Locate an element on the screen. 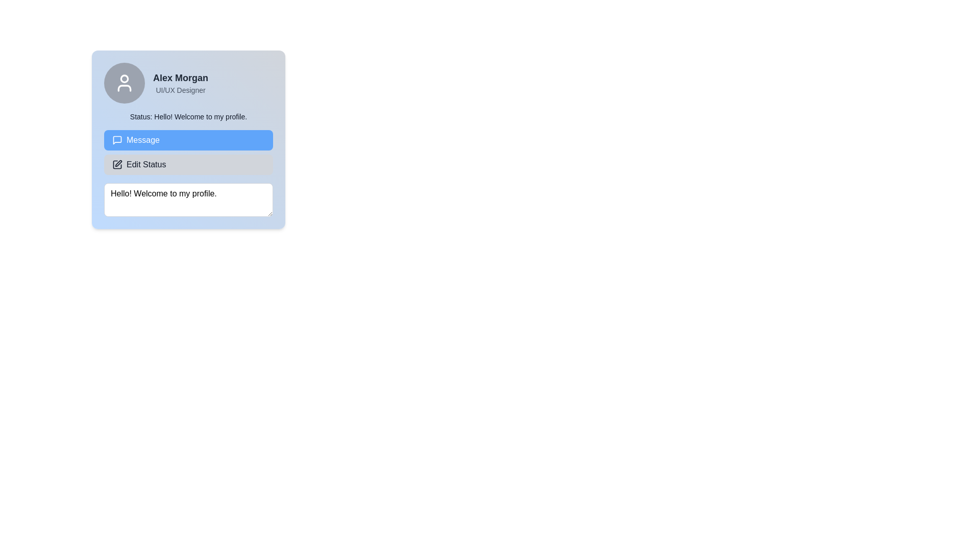 This screenshot has width=980, height=551. the communication button located centrally in the profile card interface is located at coordinates (188, 139).